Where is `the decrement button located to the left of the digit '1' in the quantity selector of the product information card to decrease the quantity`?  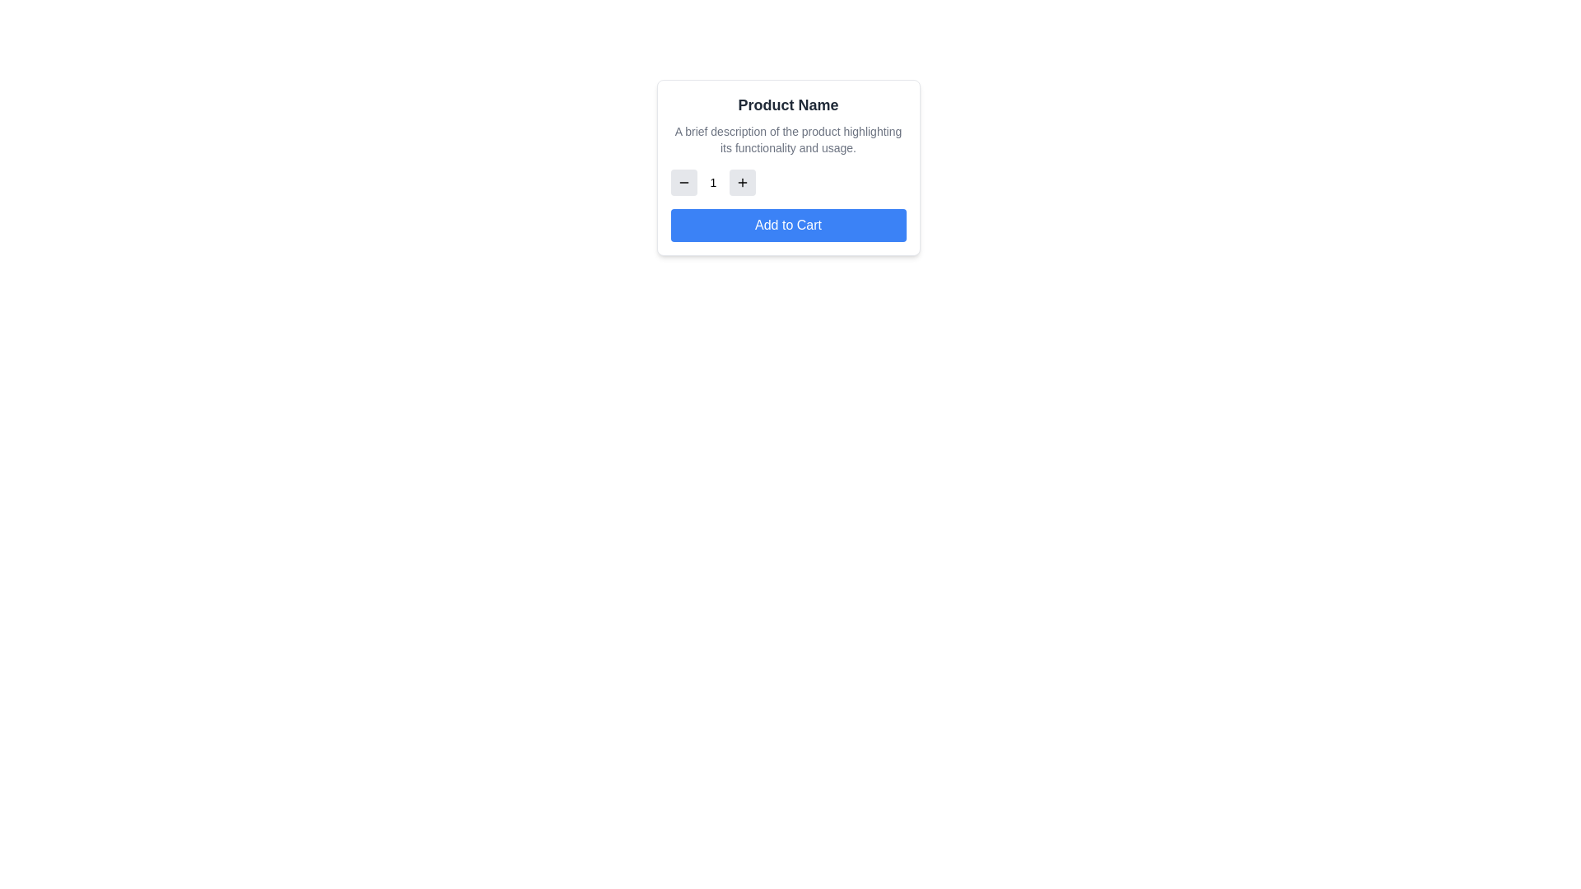
the decrement button located to the left of the digit '1' in the quantity selector of the product information card to decrease the quantity is located at coordinates (683, 183).